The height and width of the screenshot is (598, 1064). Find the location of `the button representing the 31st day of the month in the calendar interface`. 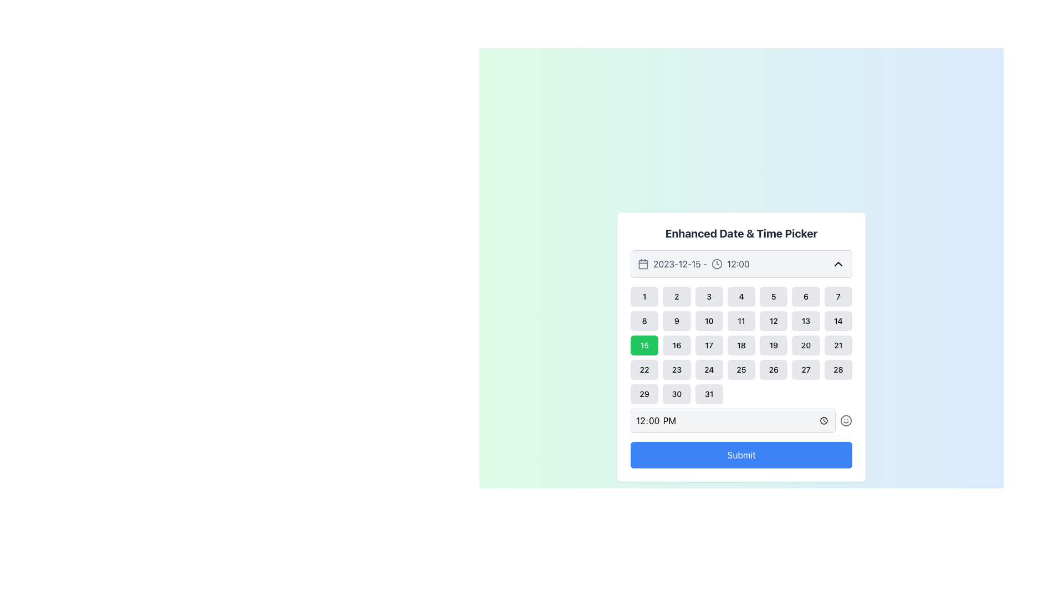

the button representing the 31st day of the month in the calendar interface is located at coordinates (708, 394).